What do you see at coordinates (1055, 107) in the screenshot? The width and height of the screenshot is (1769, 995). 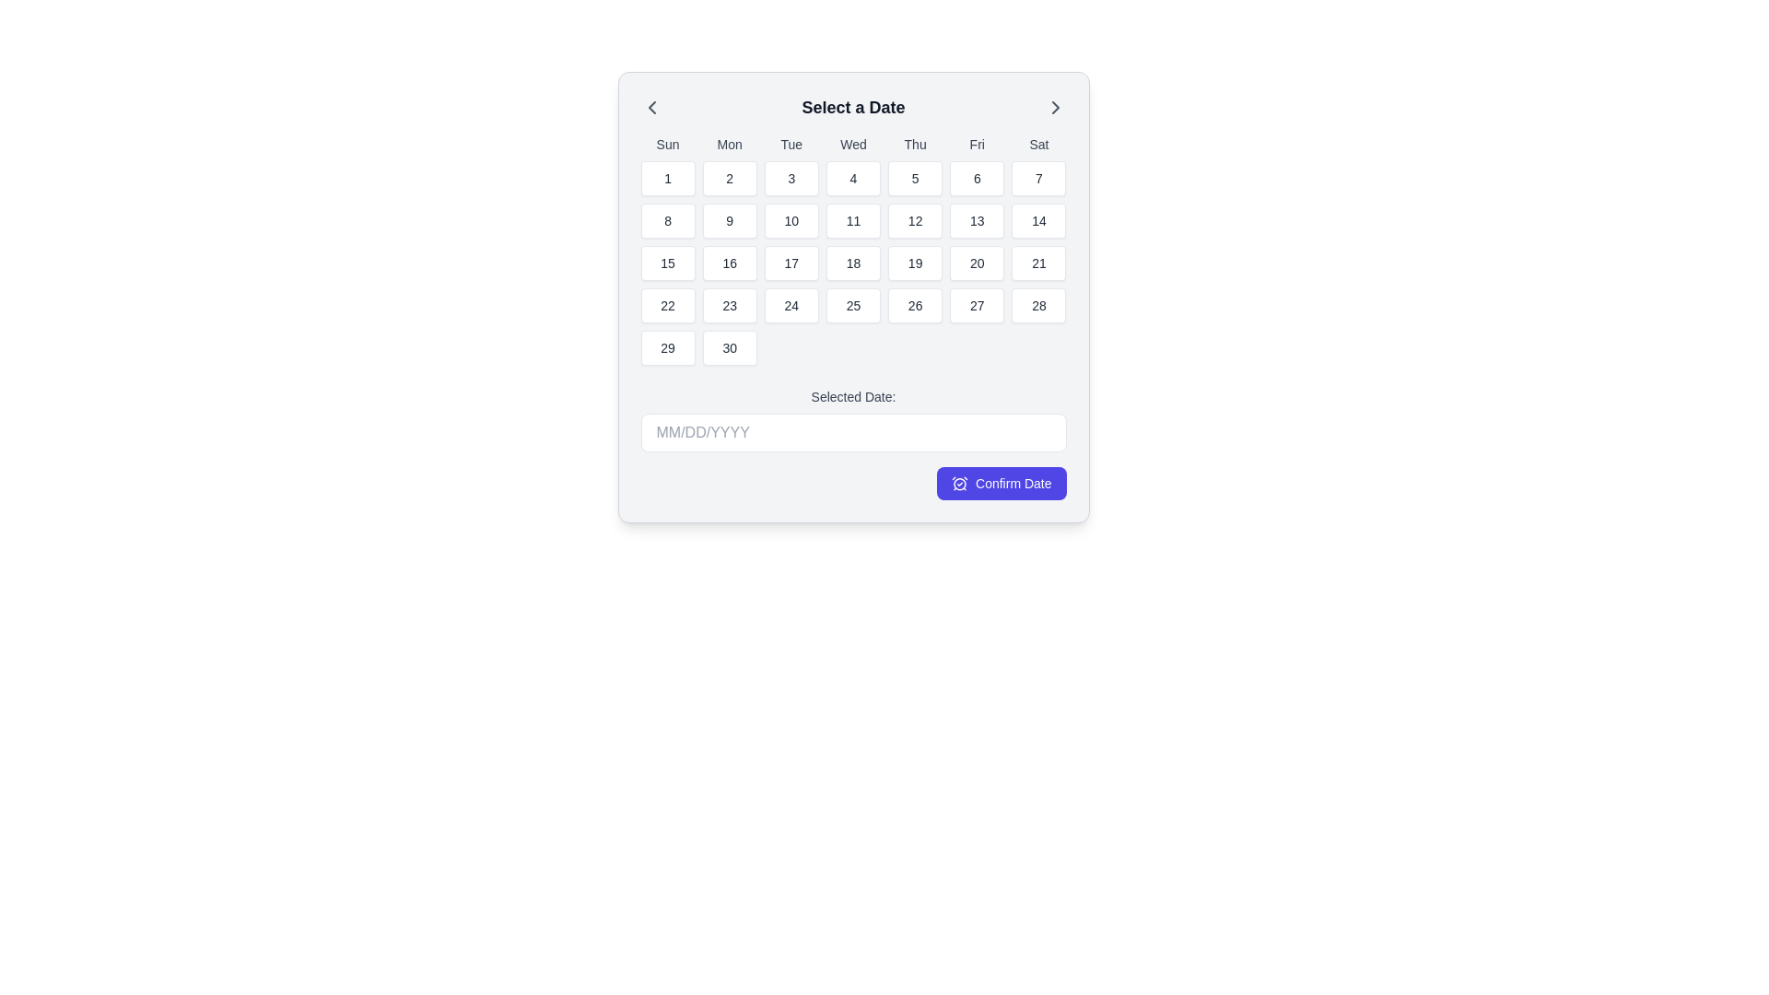 I see `the right-facing chevron icon in the header section labeled 'Select a Date'` at bounding box center [1055, 107].